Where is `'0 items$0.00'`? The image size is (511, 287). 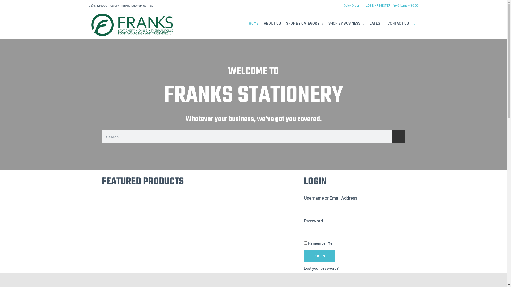 '0 items$0.00' is located at coordinates (406, 5).